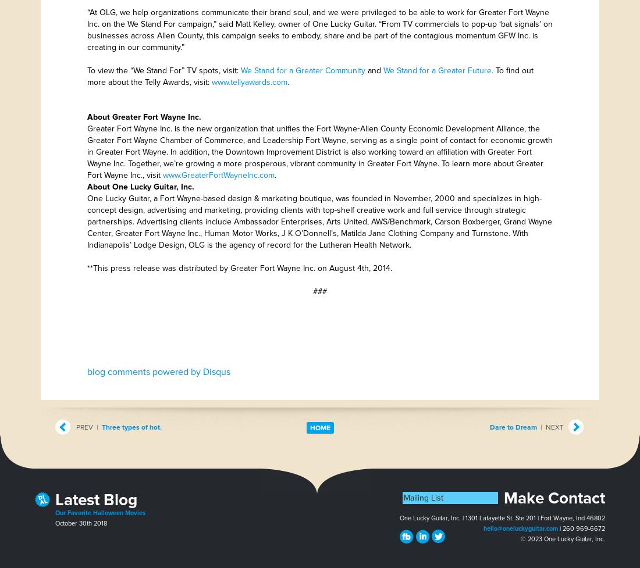 This screenshot has width=640, height=568. What do you see at coordinates (313, 291) in the screenshot?
I see `'###'` at bounding box center [313, 291].